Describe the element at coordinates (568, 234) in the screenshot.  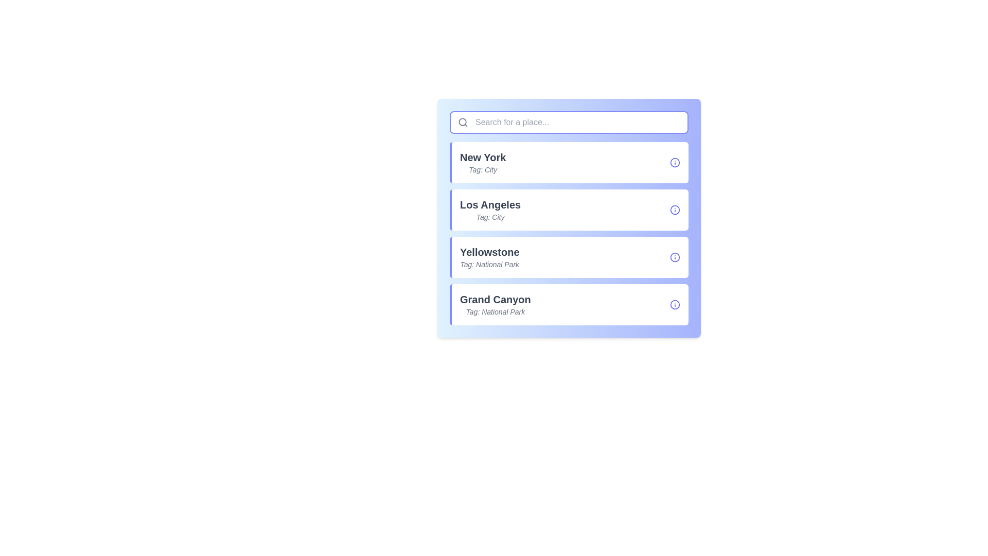
I see `the second location card` at that location.